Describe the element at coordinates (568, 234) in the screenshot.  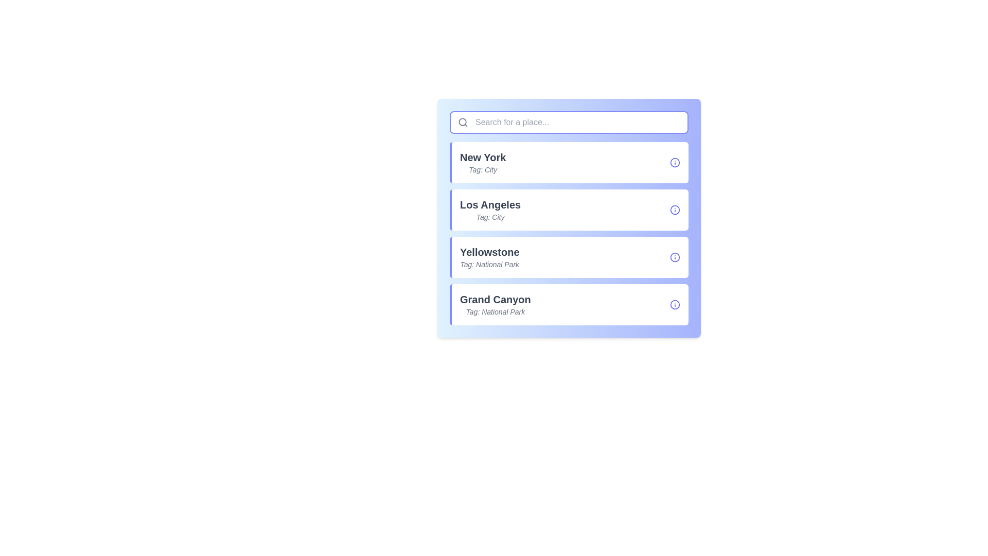
I see `the second location card` at that location.